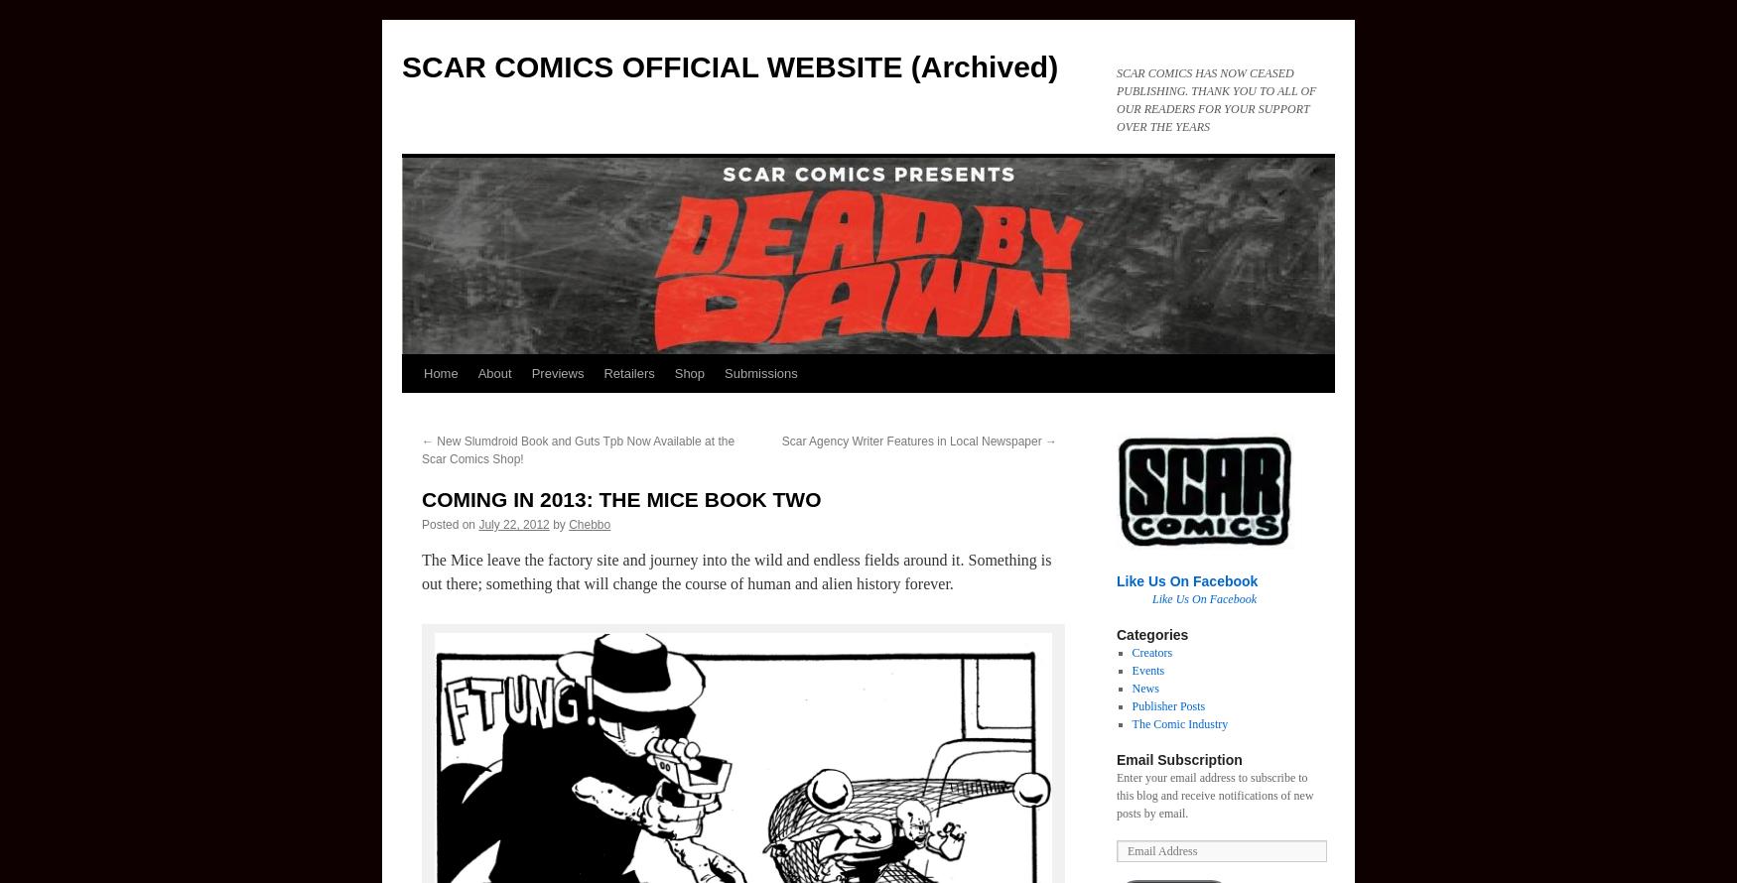 This screenshot has width=1737, height=883. Describe the element at coordinates (1143, 688) in the screenshot. I see `'News'` at that location.